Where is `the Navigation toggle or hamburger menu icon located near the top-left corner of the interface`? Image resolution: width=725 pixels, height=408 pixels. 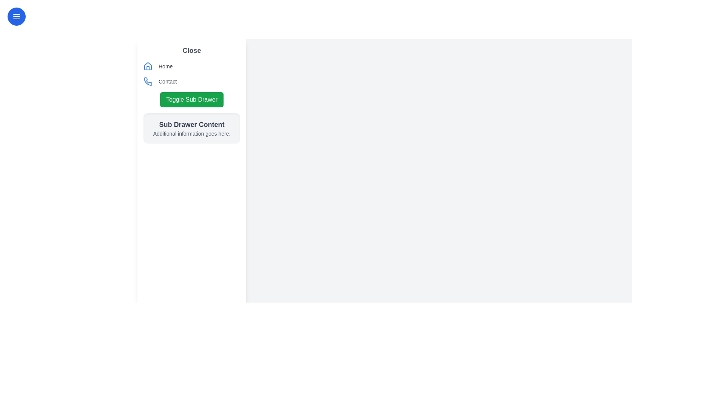
the Navigation toggle or hamburger menu icon located near the top-left corner of the interface is located at coordinates (16, 16).